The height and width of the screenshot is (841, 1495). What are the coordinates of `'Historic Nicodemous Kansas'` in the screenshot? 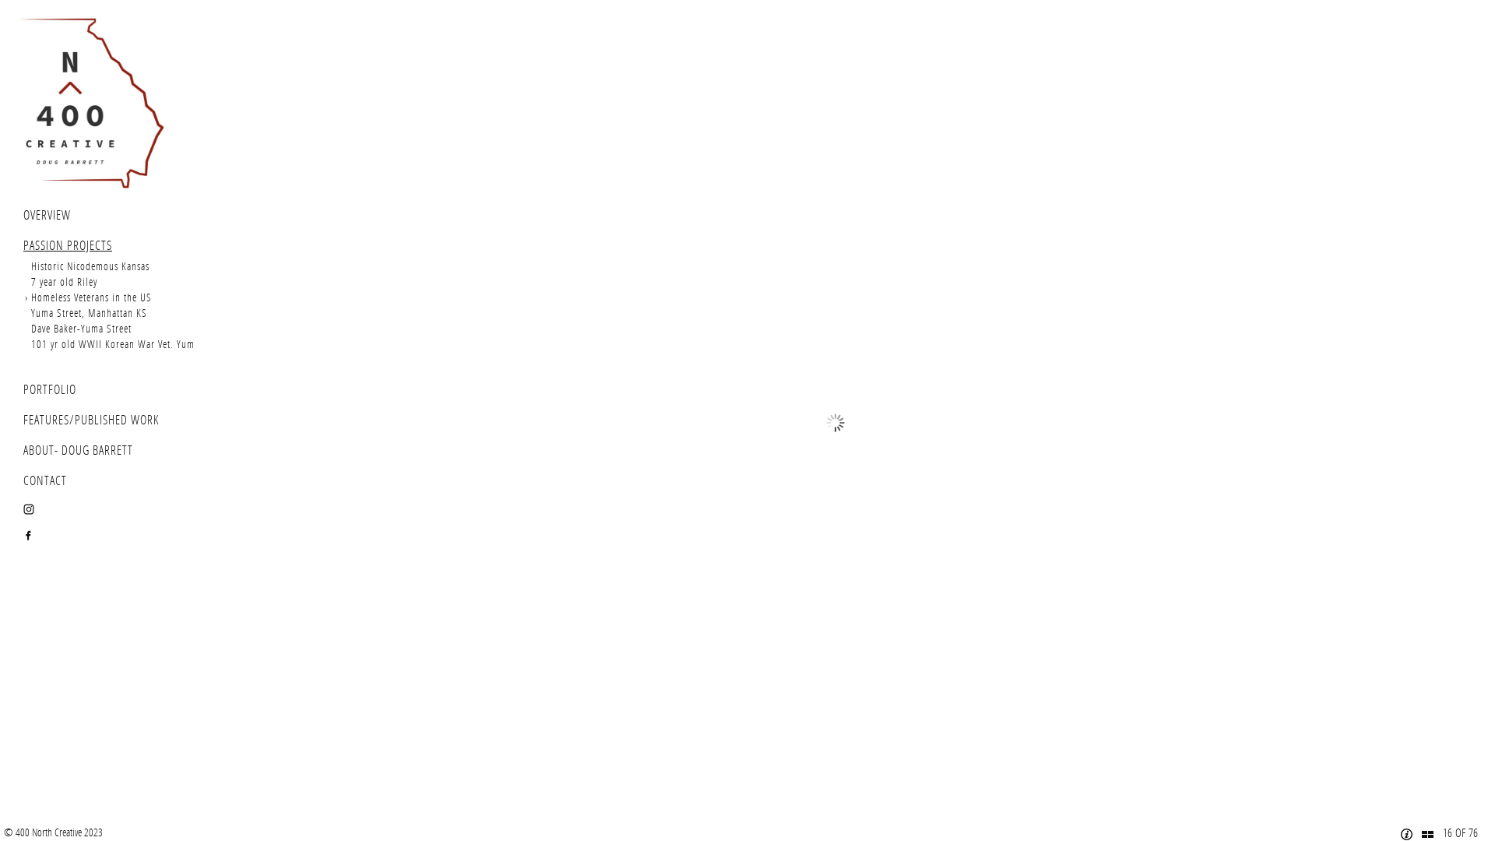 It's located at (89, 266).